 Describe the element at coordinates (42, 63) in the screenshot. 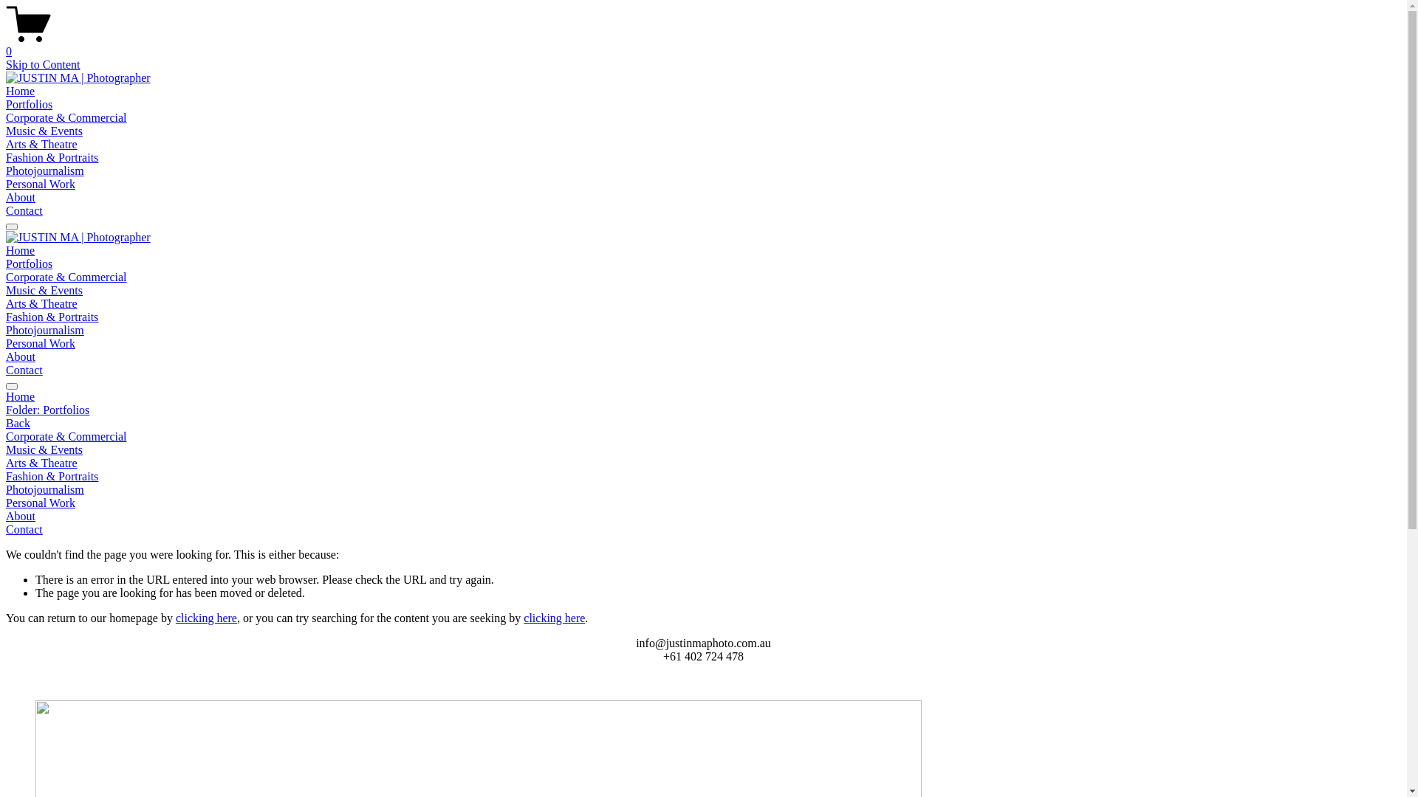

I see `'Skip to Content'` at that location.